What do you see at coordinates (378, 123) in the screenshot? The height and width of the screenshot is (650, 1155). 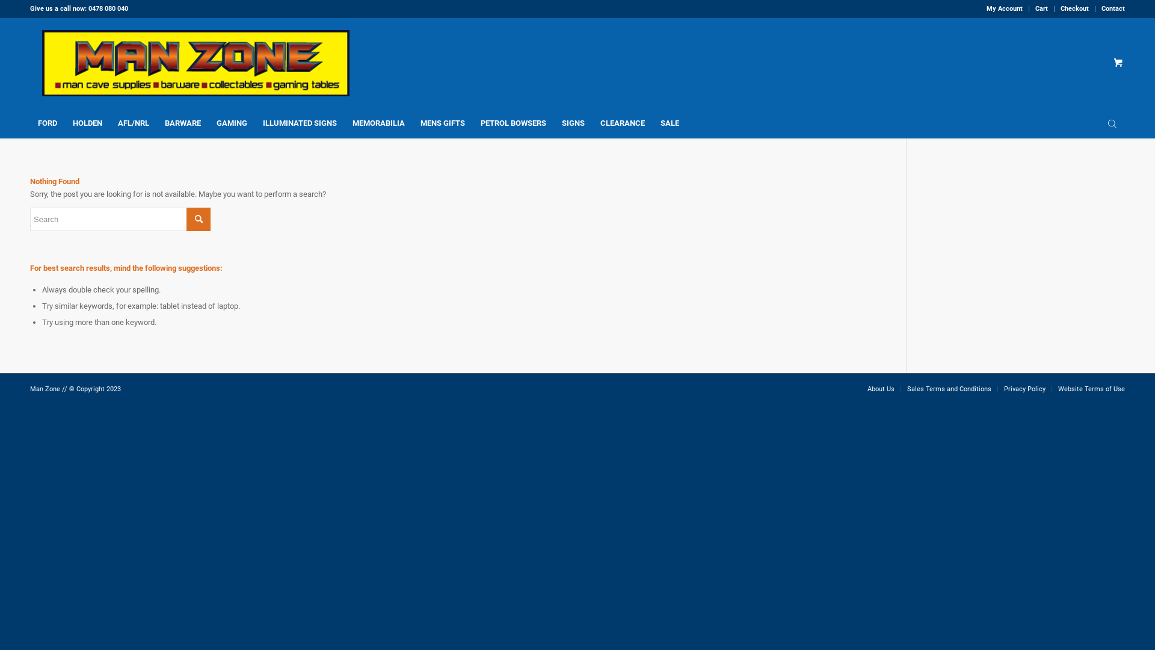 I see `'MEMORABILIA'` at bounding box center [378, 123].